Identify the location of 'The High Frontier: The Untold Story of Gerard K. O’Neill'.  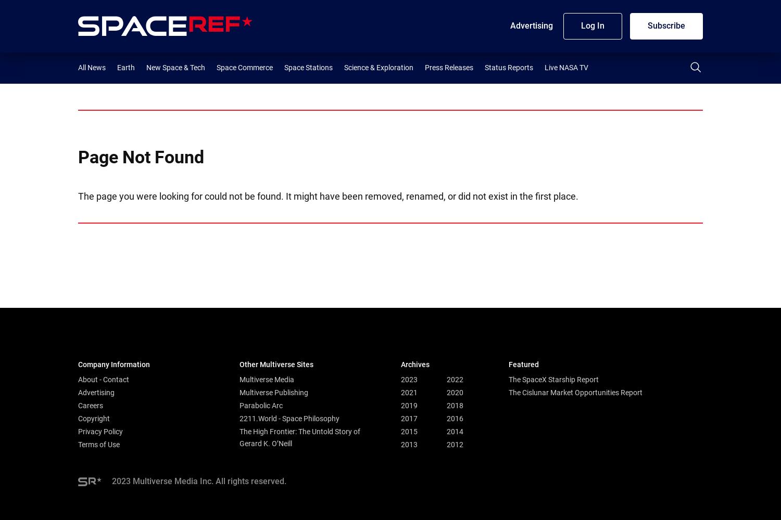
(299, 437).